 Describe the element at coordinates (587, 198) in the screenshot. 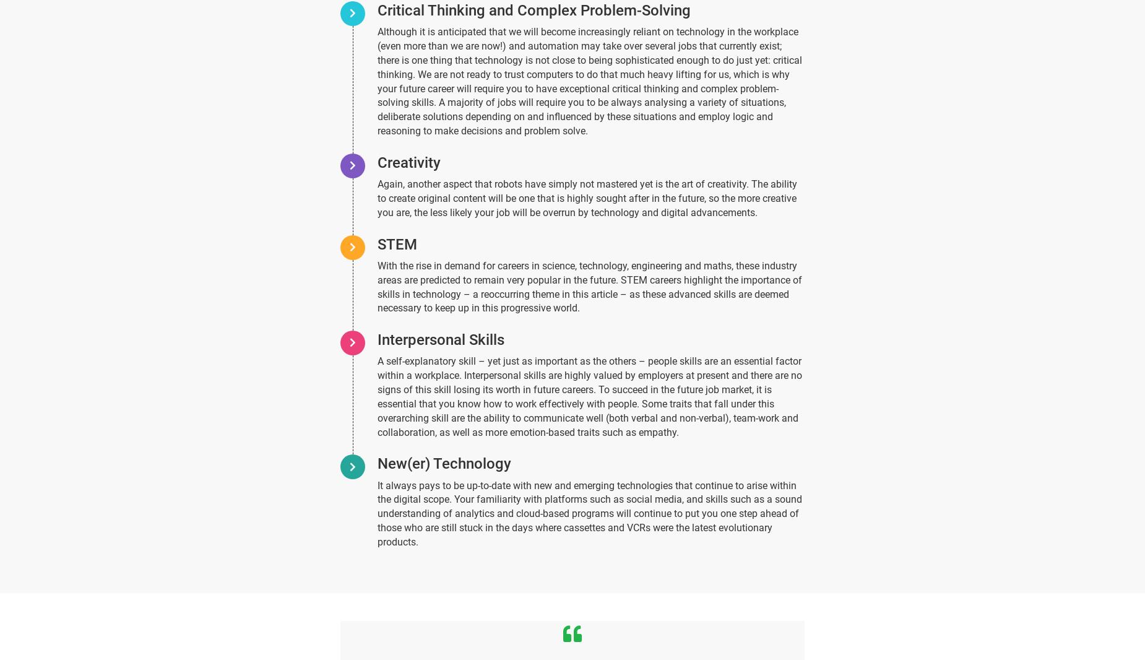

I see `'Again, another aspect that robots have simply not mastered yet is the art of creativity. The ability to create original content will be one that is highly sought after in the future, so the more creative you are, the less likely your job will be overrun by technology and digital advancements.'` at that location.